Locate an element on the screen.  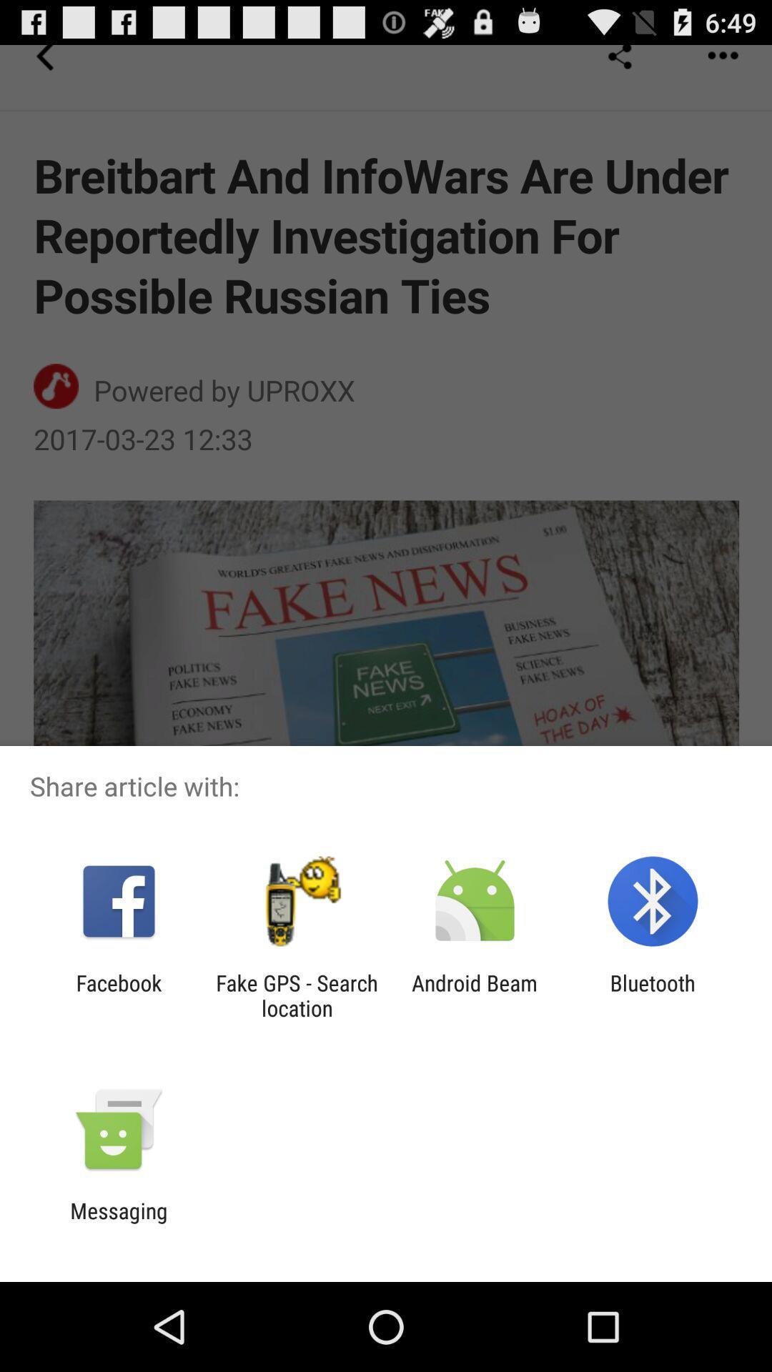
the bluetooth item is located at coordinates (653, 995).